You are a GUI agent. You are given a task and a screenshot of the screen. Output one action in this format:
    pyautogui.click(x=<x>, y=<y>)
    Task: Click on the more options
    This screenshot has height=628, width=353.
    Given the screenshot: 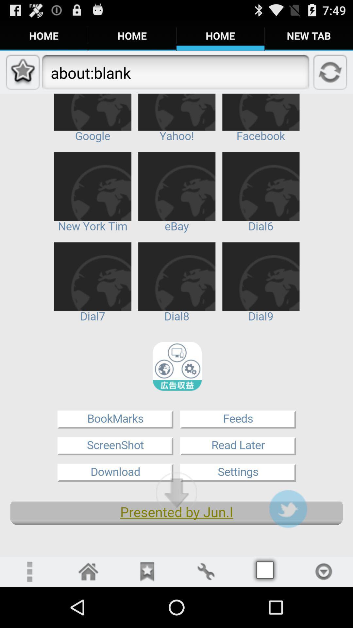 What is the action you would take?
    pyautogui.click(x=29, y=571)
    